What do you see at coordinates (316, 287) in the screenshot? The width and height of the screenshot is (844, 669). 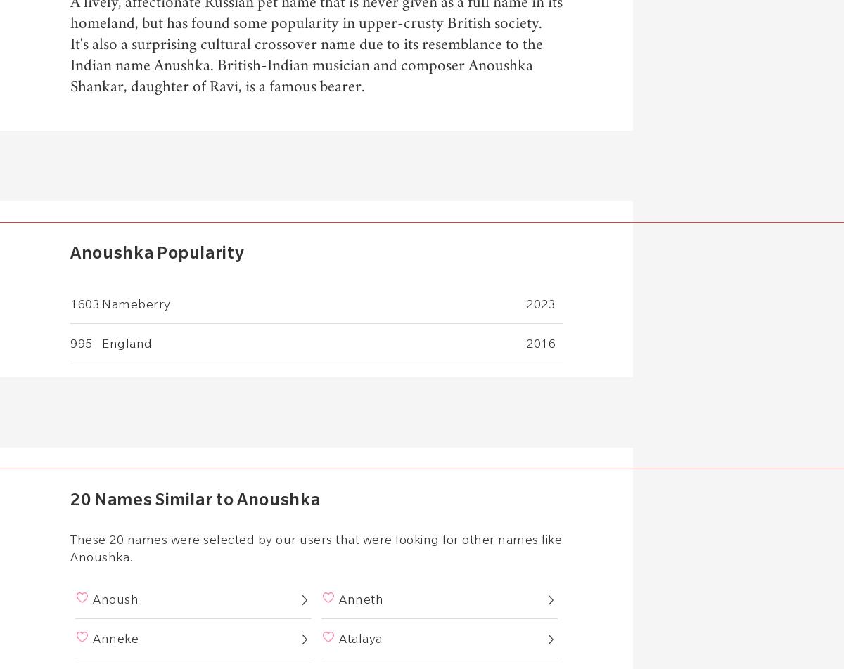 I see `'Create an account and you can create lists, keep track of favorites, and even be alerted when there is new content posted about a name.'` at bounding box center [316, 287].